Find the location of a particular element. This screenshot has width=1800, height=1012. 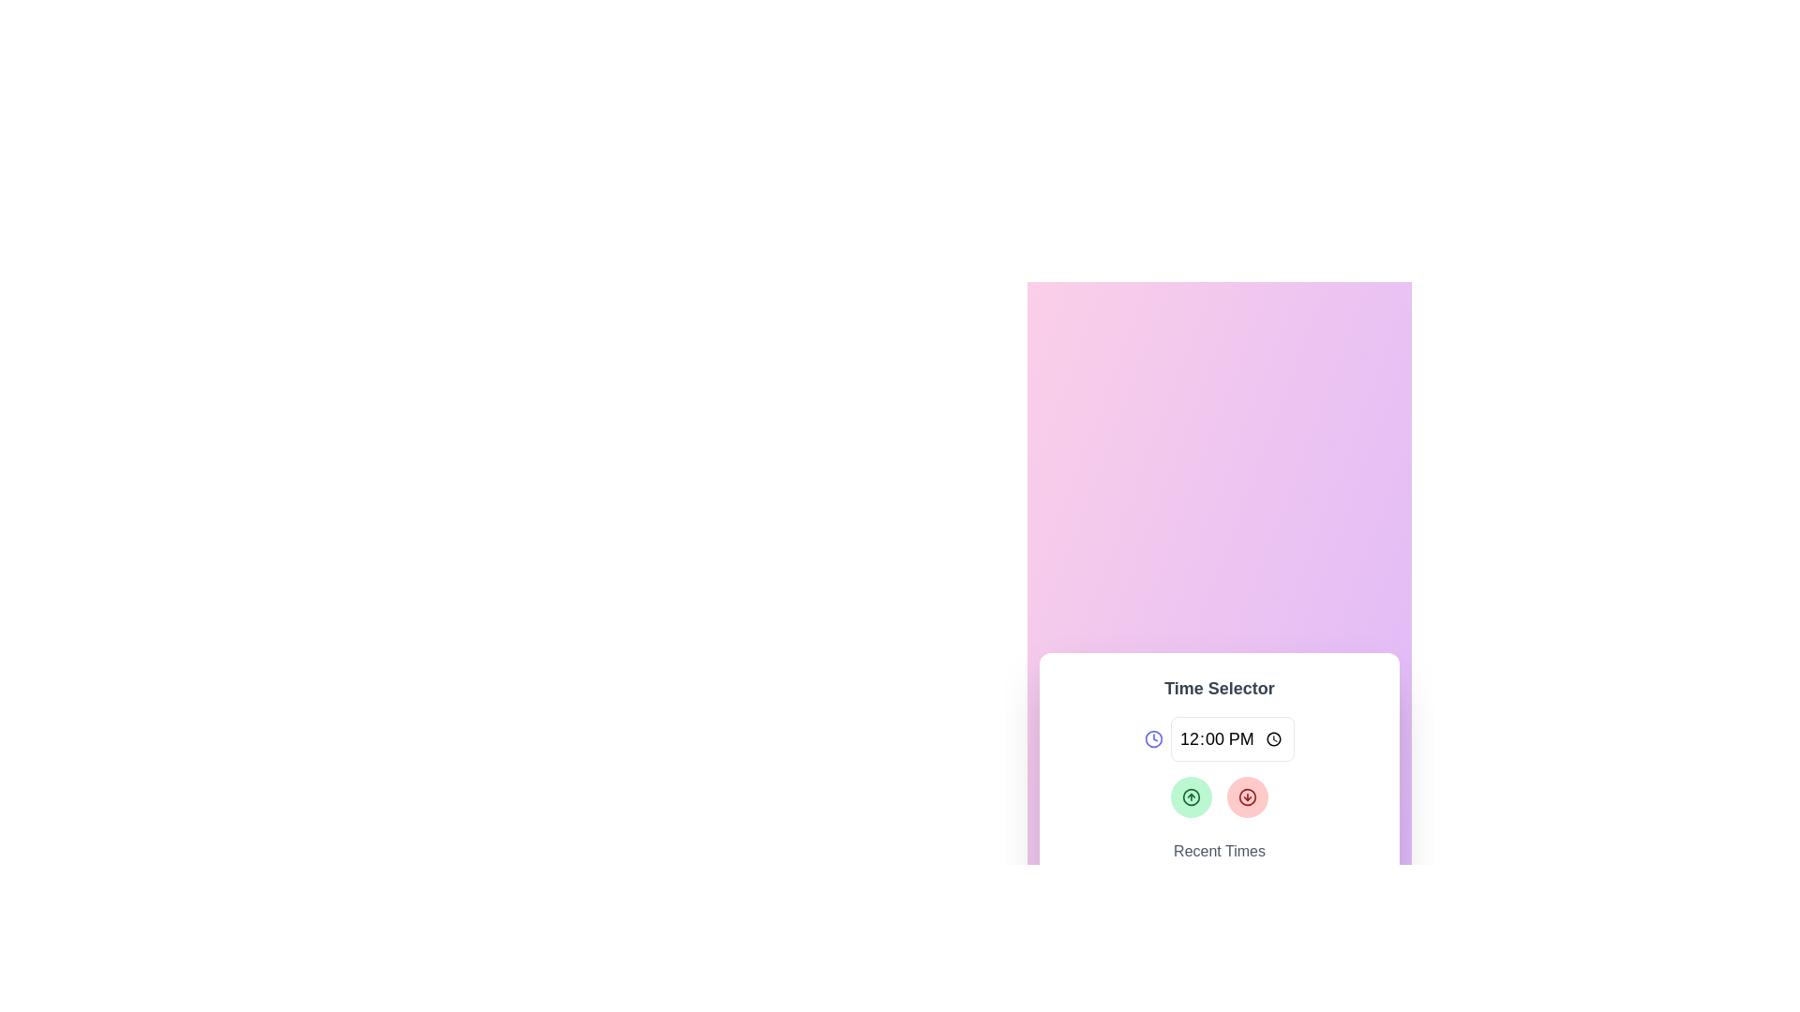

the time input field displaying '12:00 PM' is located at coordinates (1233, 738).